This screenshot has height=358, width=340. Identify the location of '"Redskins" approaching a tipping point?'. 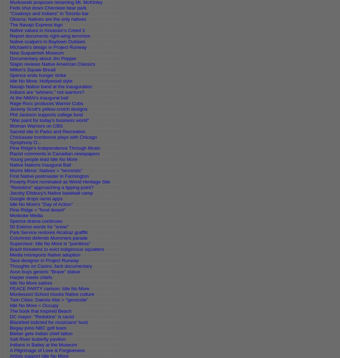
(51, 187).